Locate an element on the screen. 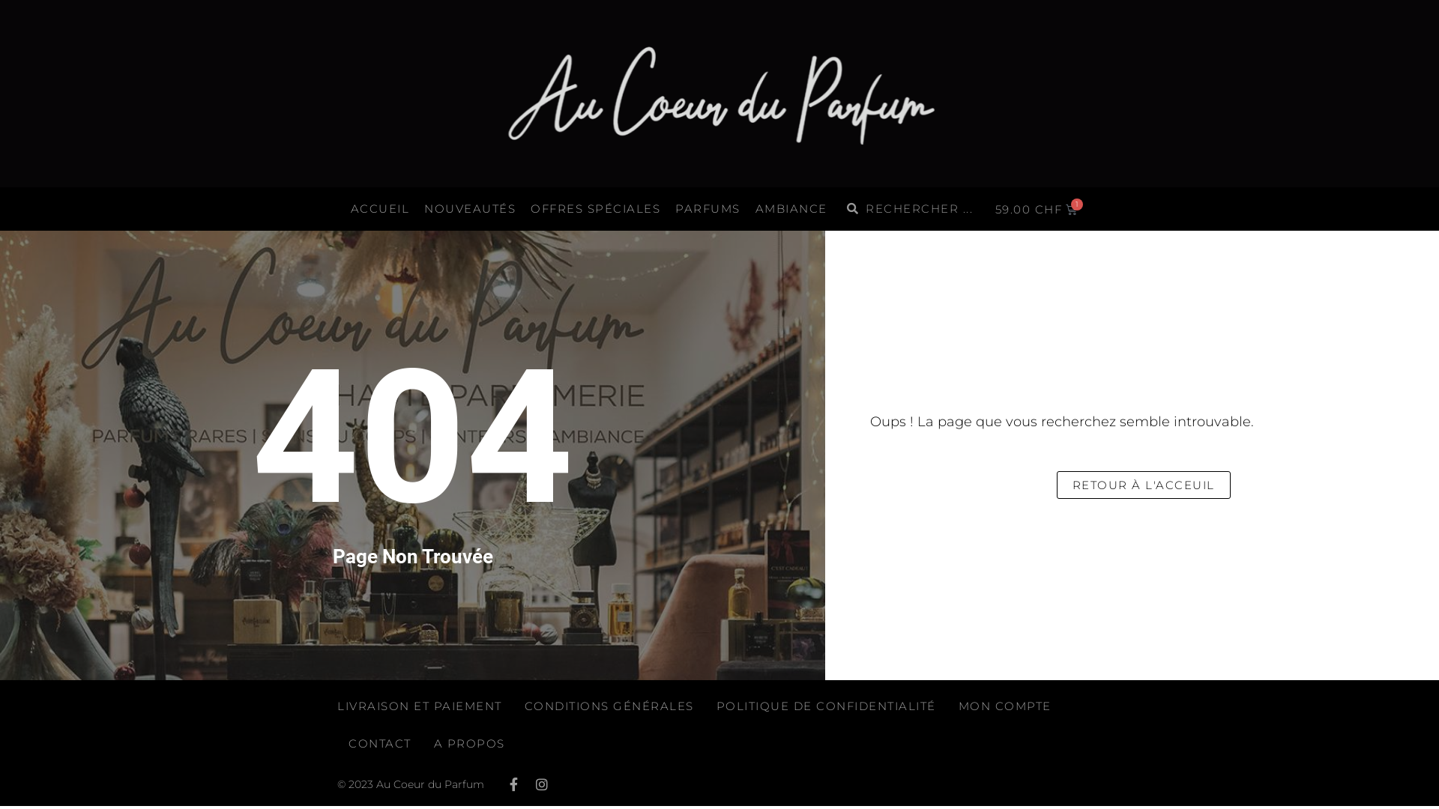  'A PROPOS' is located at coordinates (468, 743).